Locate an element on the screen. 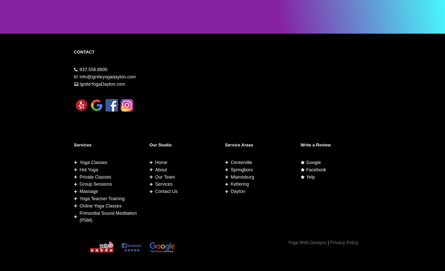 The width and height of the screenshot is (445, 271). 'Yoga Teacher Training' is located at coordinates (102, 198).